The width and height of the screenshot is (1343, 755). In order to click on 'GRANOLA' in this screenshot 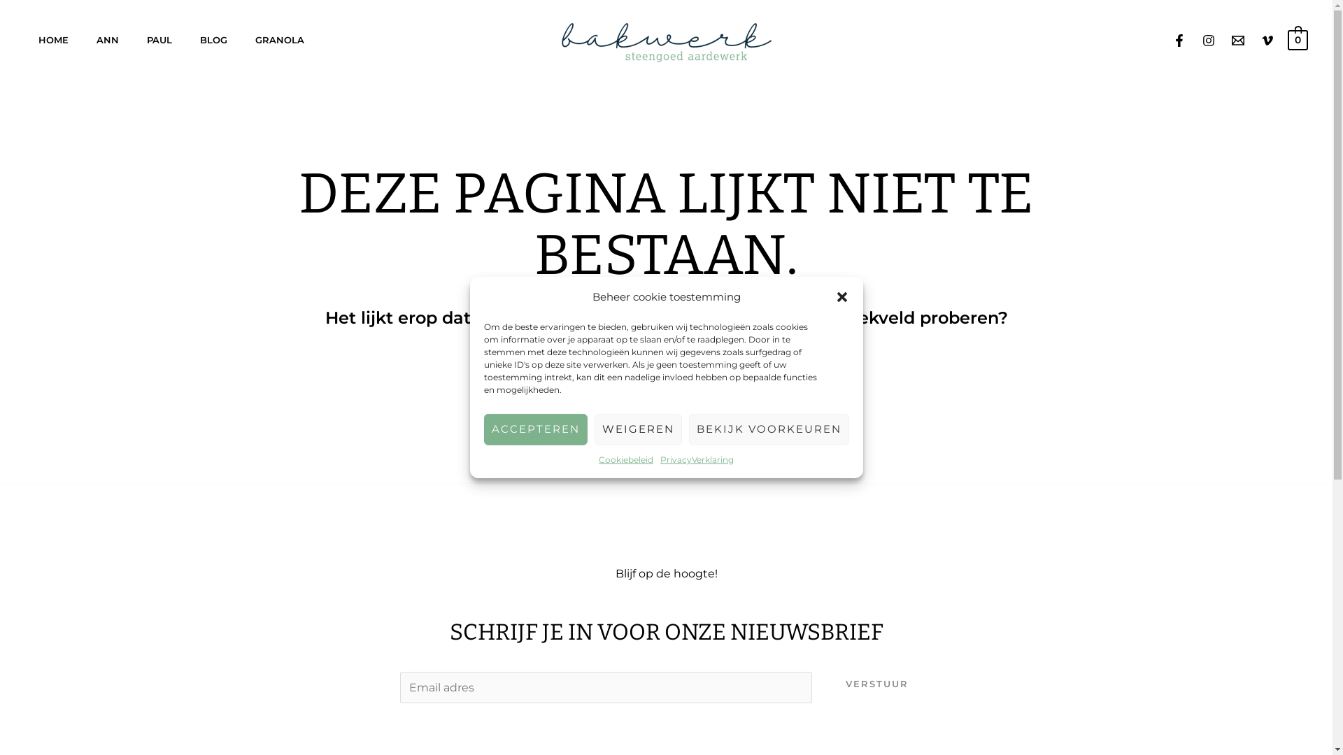, I will do `click(241, 39)`.